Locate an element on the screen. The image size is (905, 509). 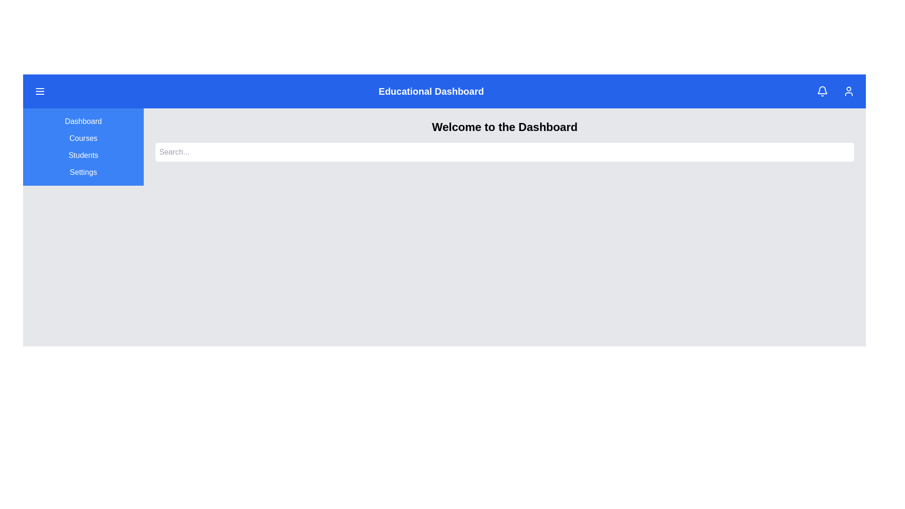
the user profile icon located at the top-right corner of the header is located at coordinates (848, 91).